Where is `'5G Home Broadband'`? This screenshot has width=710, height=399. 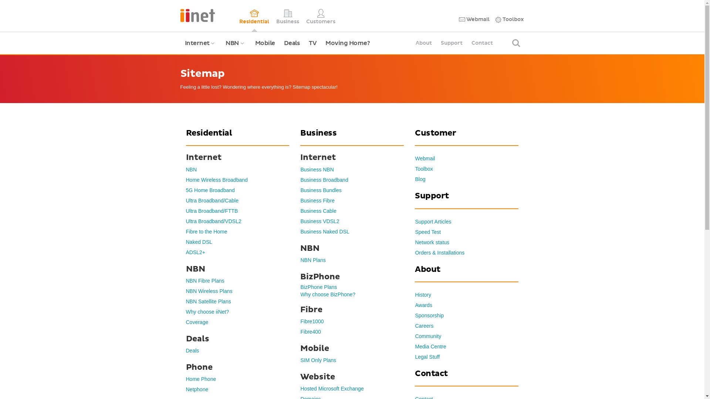
'5G Home Broadband' is located at coordinates (186, 190).